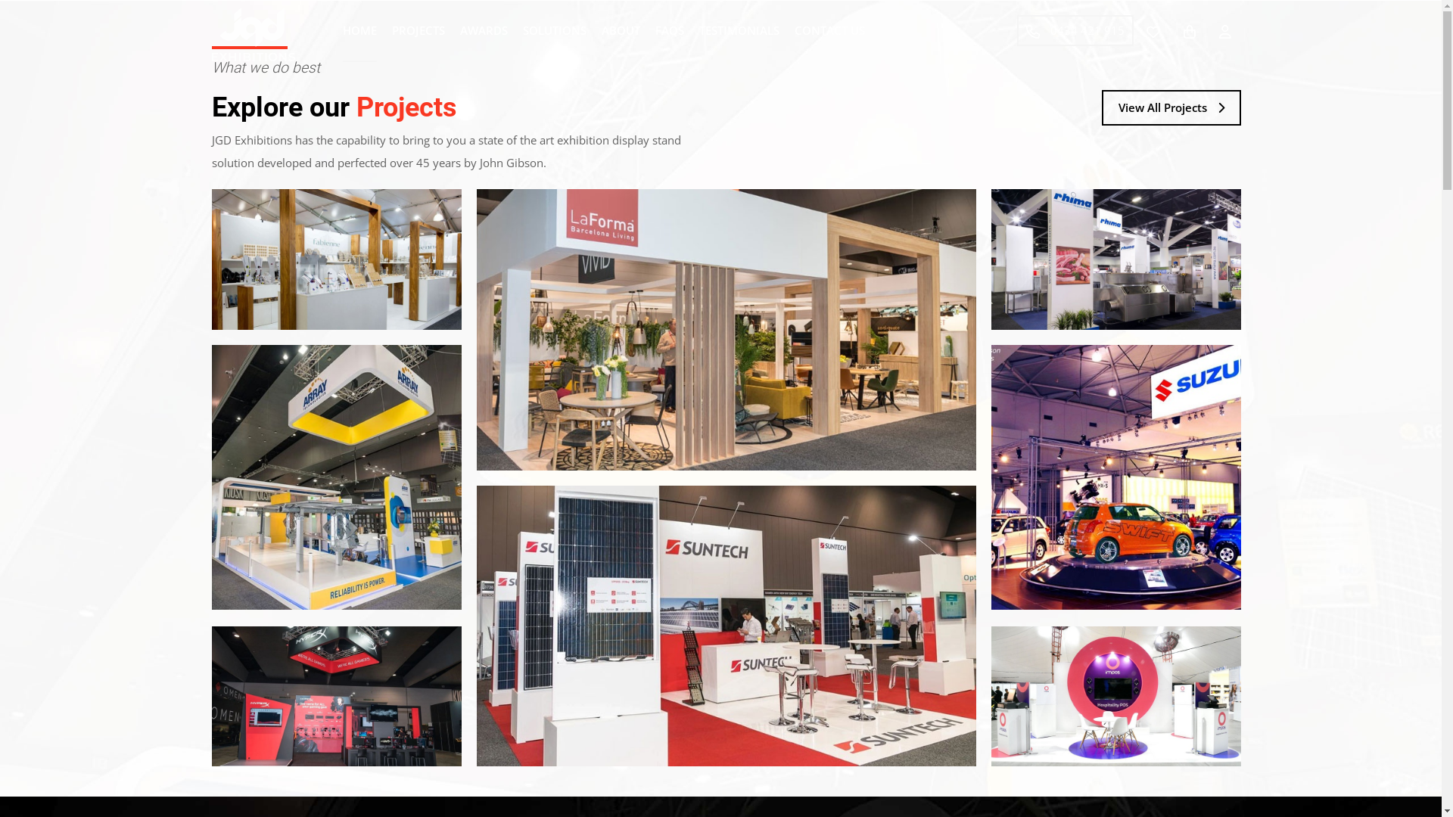 This screenshot has width=1453, height=817. Describe the element at coordinates (1170, 107) in the screenshot. I see `'View All Projects'` at that location.